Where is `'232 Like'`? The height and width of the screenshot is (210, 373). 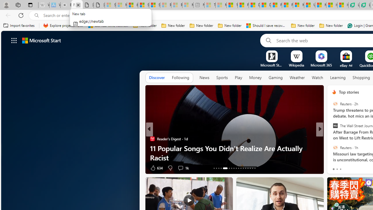
'232 Like' is located at coordinates (336, 168).